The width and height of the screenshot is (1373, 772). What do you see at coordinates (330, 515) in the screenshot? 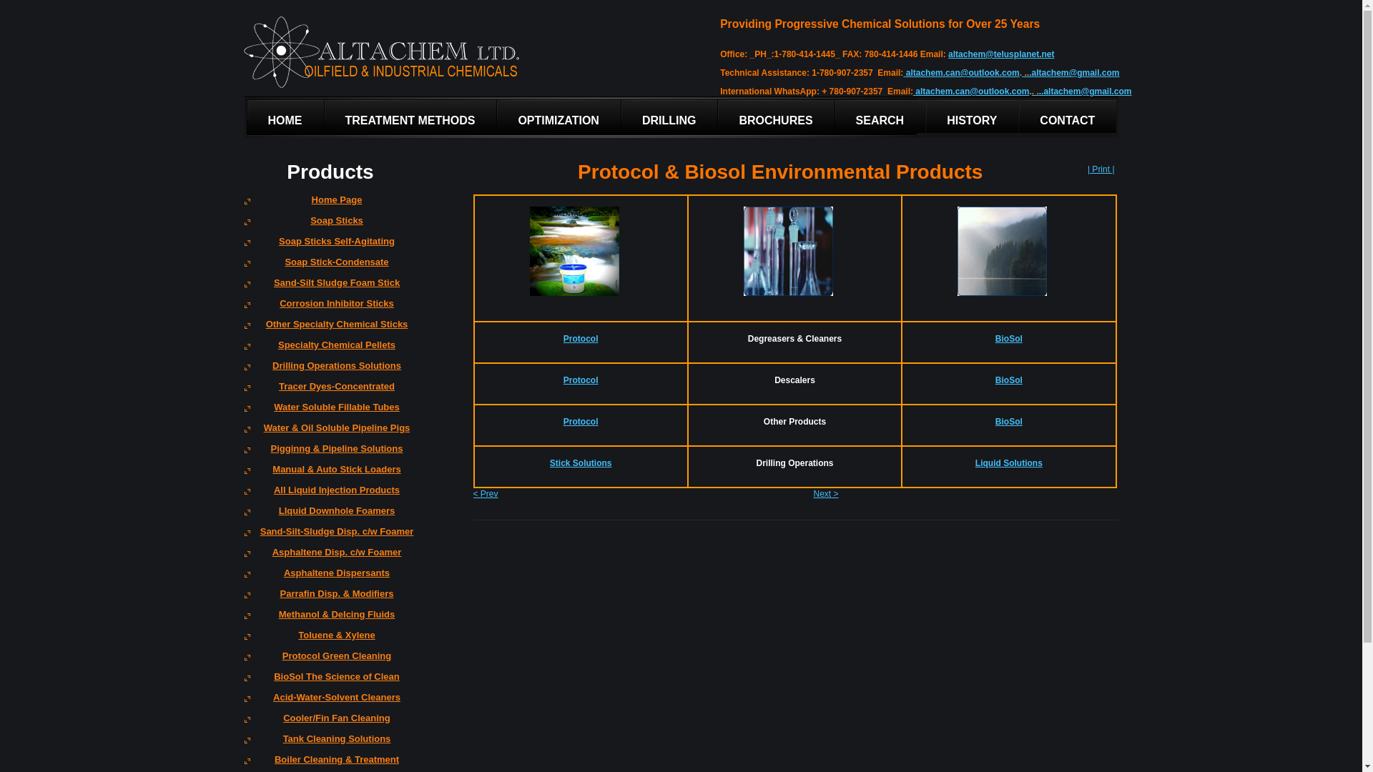
I see `'LIquid Downhole Foamers'` at bounding box center [330, 515].